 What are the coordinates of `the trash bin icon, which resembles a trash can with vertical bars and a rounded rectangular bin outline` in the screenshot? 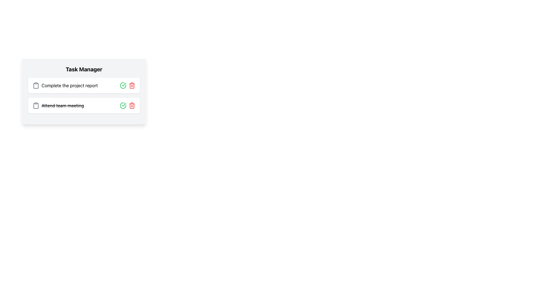 It's located at (132, 106).